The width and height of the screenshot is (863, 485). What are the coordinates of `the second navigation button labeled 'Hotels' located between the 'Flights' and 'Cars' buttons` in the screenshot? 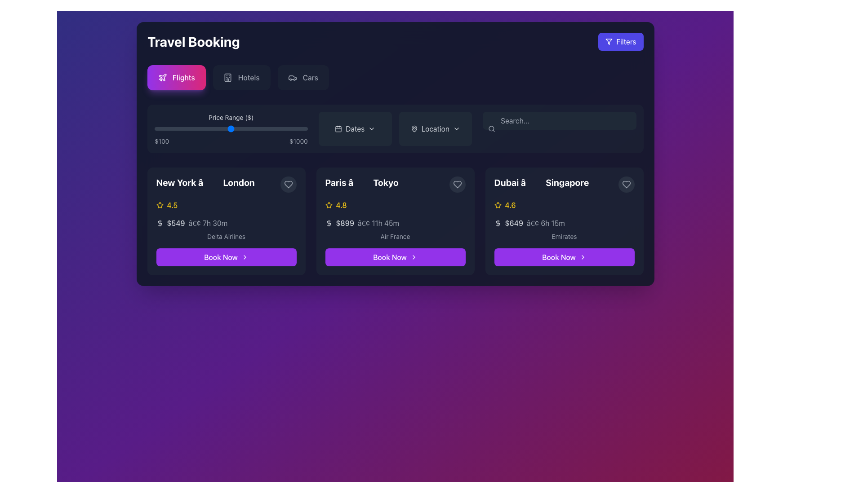 It's located at (241, 77).